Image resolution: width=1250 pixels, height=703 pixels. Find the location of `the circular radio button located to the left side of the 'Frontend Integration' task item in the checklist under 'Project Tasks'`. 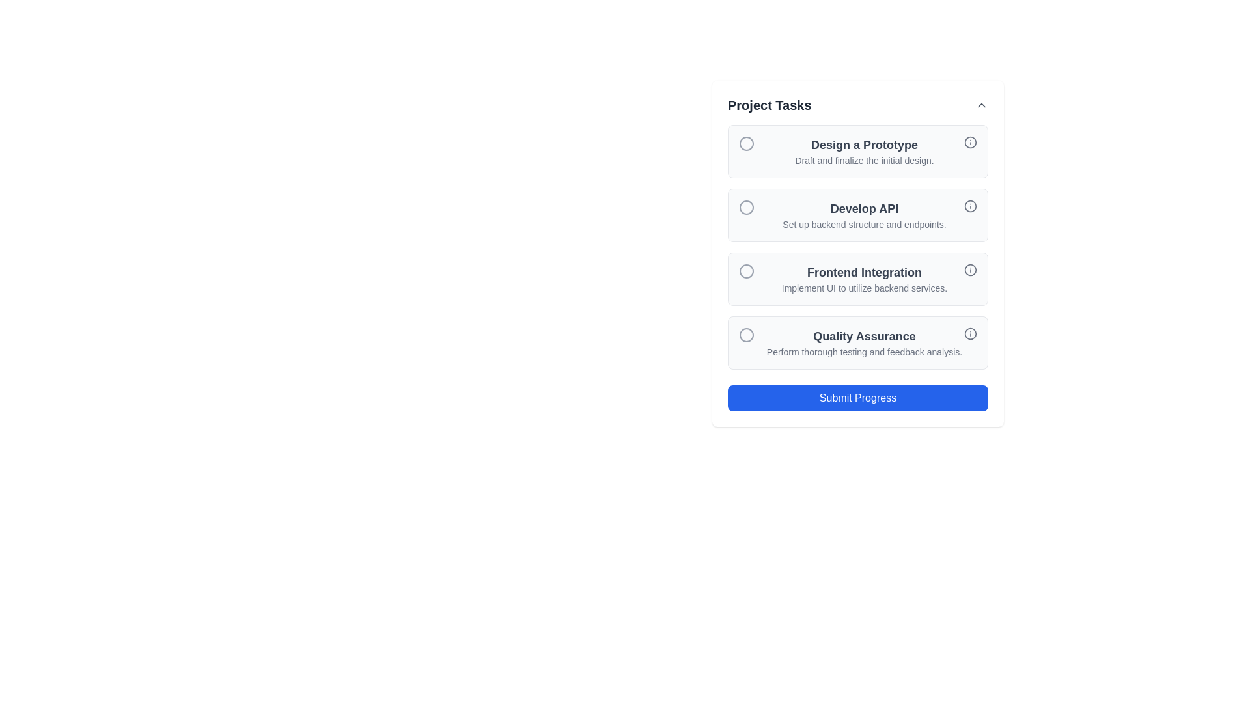

the circular radio button located to the left side of the 'Frontend Integration' task item in the checklist under 'Project Tasks' is located at coordinates (747, 270).